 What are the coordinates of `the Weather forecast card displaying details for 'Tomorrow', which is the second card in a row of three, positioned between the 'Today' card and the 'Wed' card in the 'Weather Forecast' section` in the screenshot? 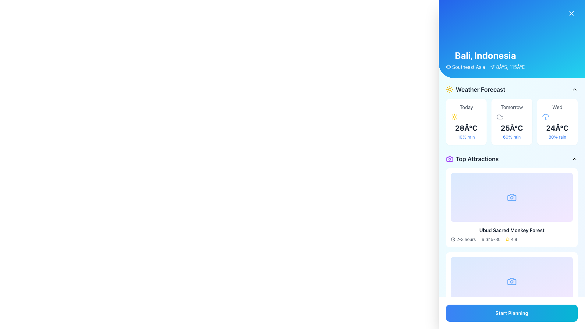 It's located at (512, 122).